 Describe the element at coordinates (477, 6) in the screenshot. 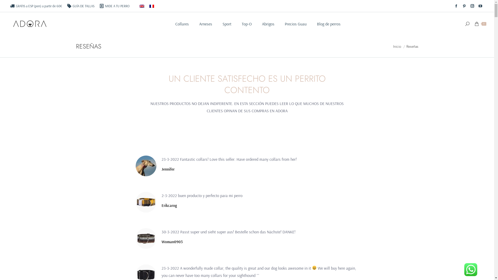

I see `'YouTube page opens in new window'` at that location.